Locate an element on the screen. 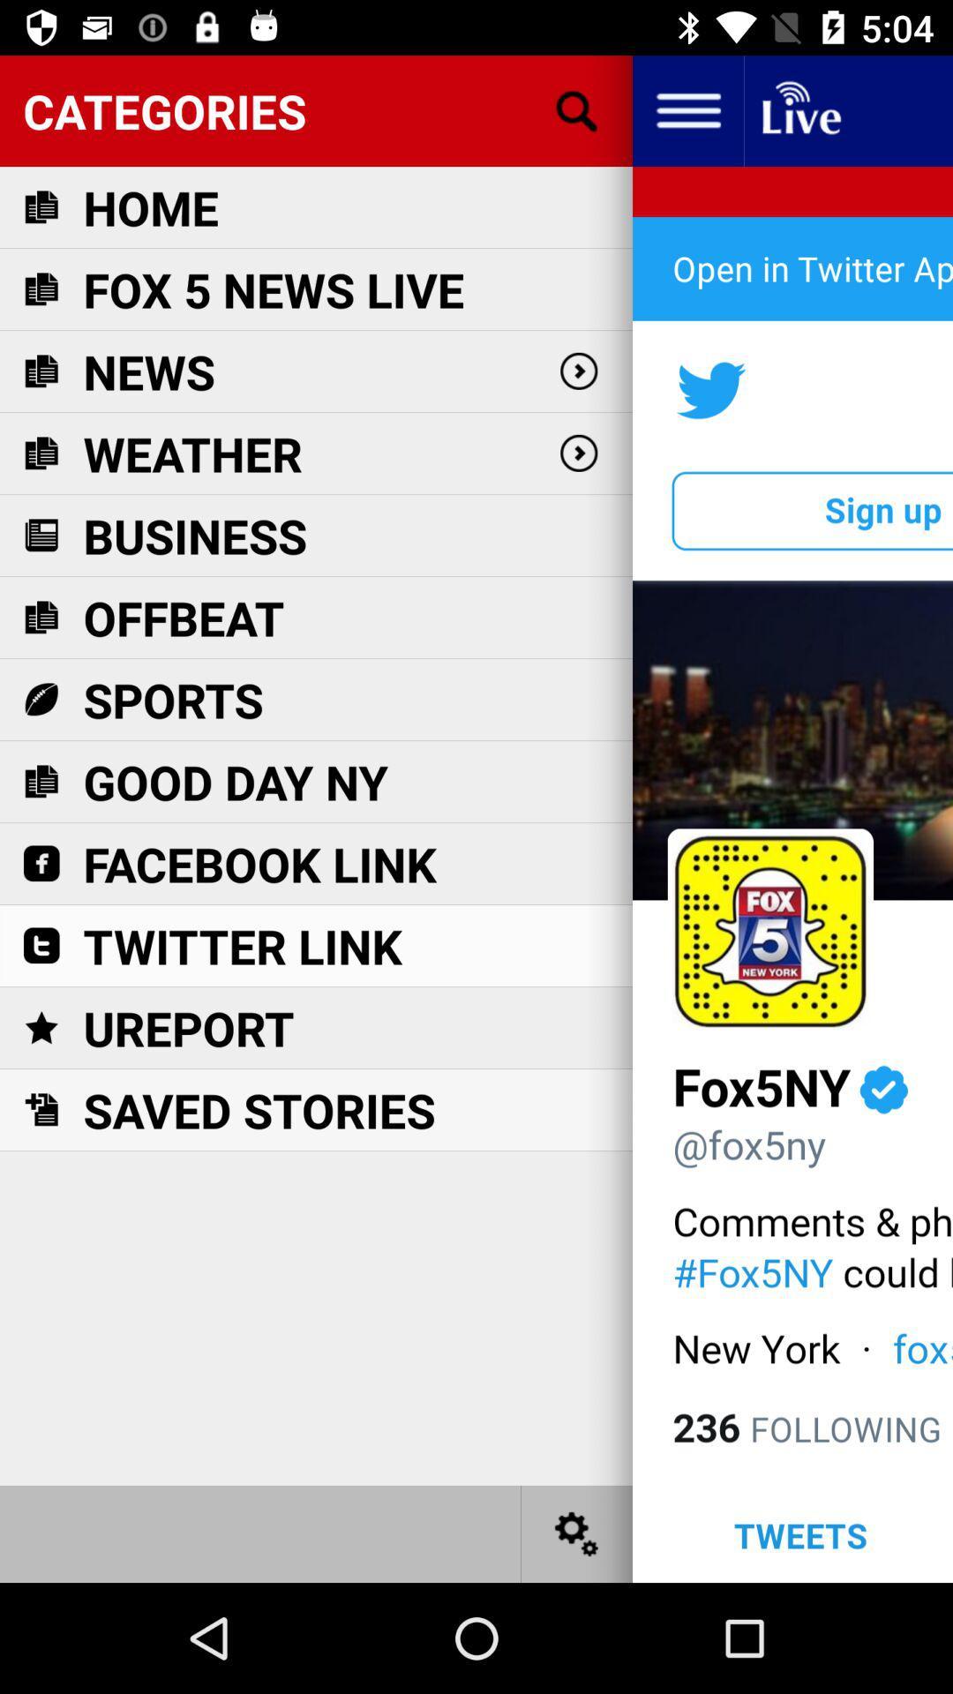 This screenshot has height=1694, width=953. search option is located at coordinates (577, 109).